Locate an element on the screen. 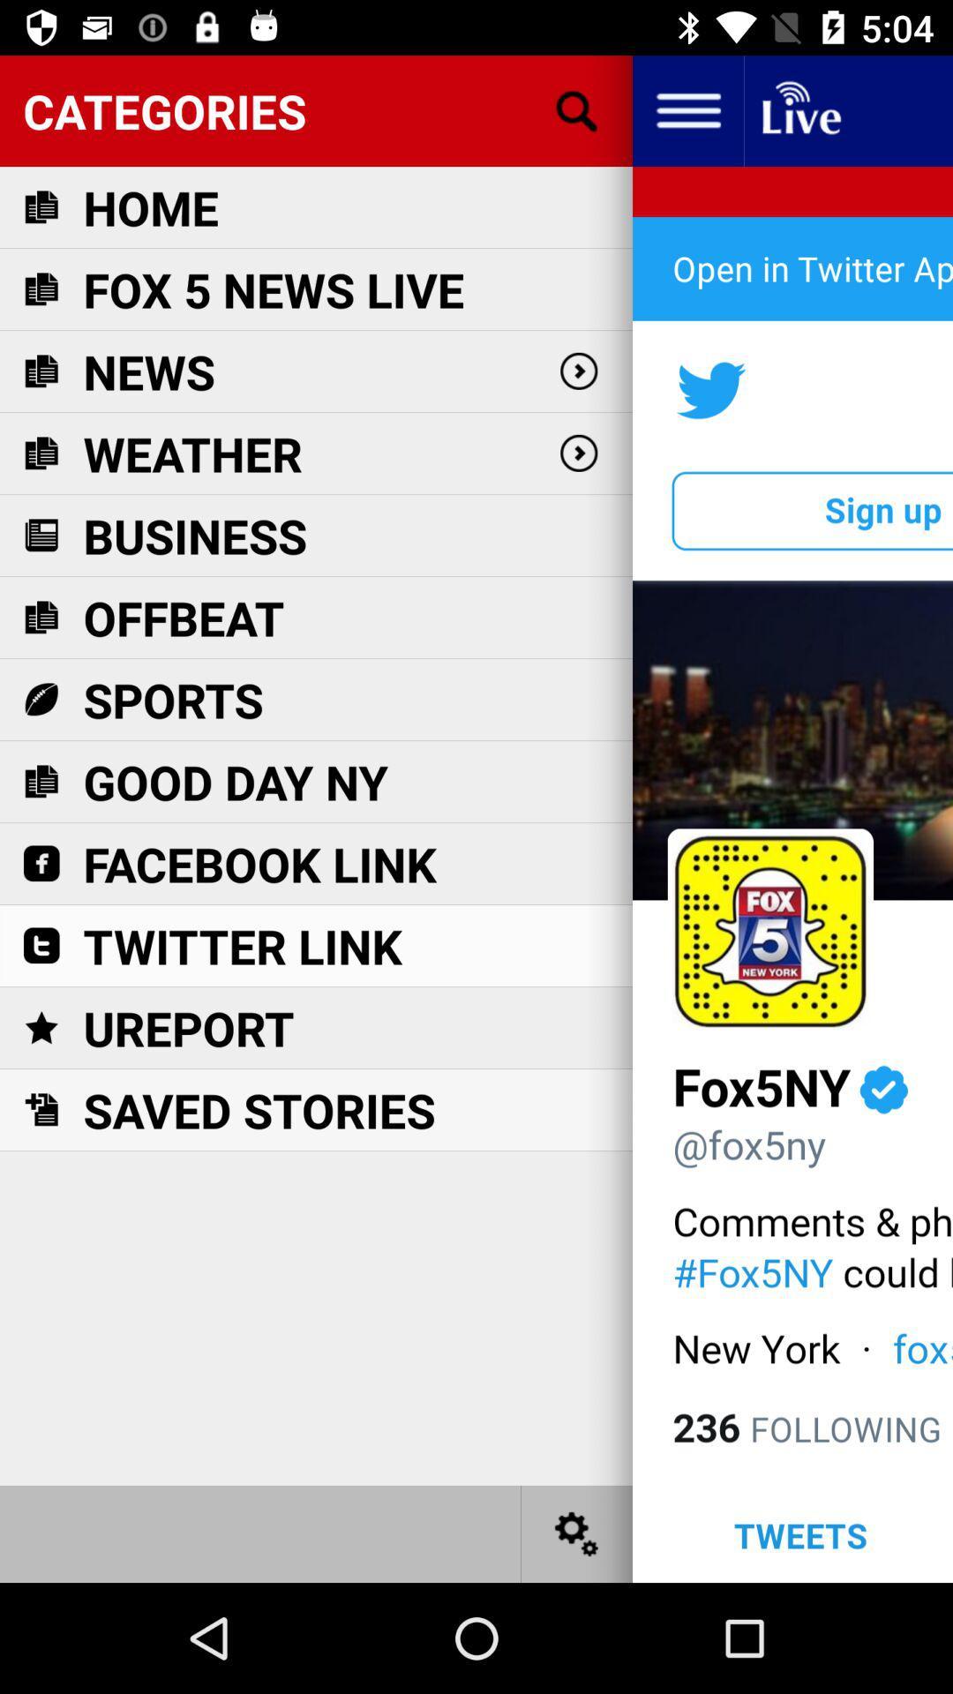 This screenshot has height=1694, width=953. search option is located at coordinates (577, 109).